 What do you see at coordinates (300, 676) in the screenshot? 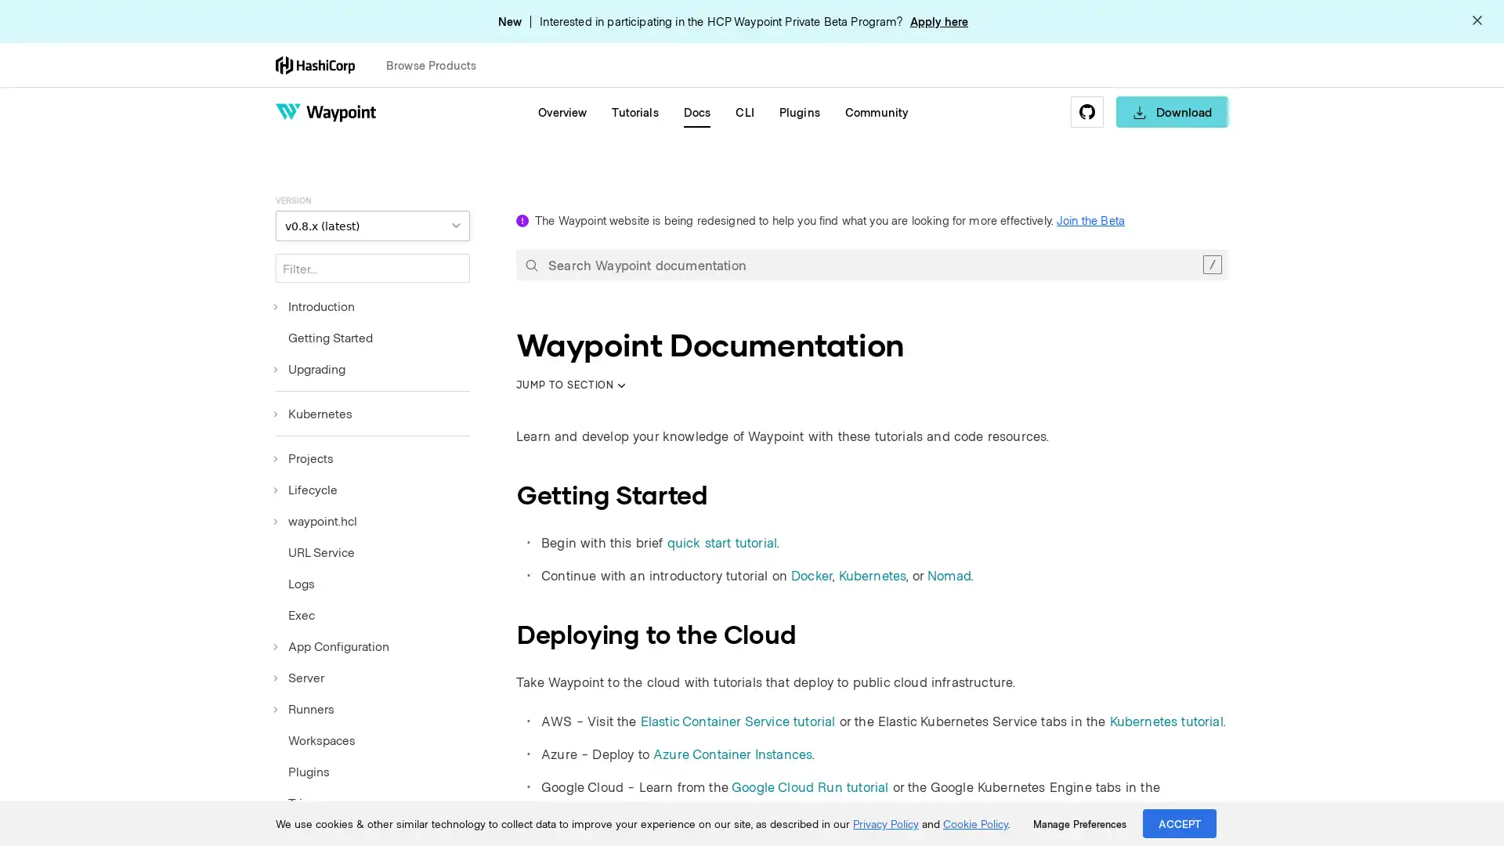
I see `Server` at bounding box center [300, 676].